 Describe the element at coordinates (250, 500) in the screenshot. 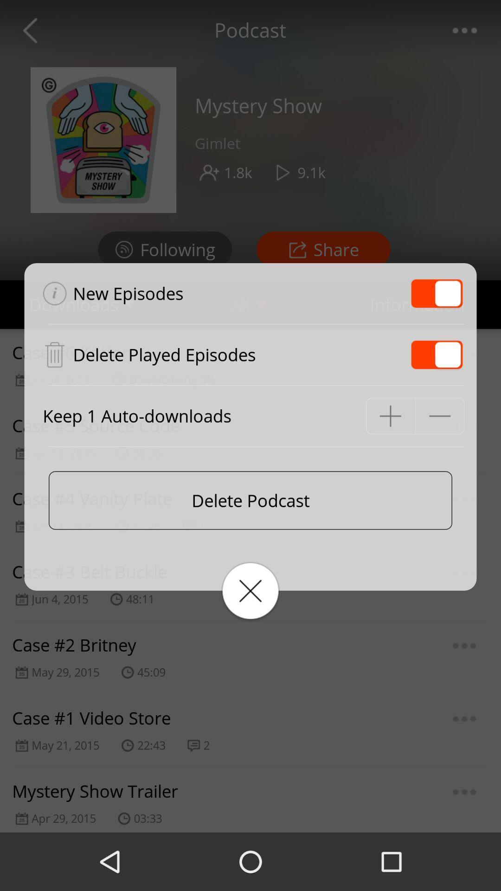

I see `delete podcast icon` at that location.